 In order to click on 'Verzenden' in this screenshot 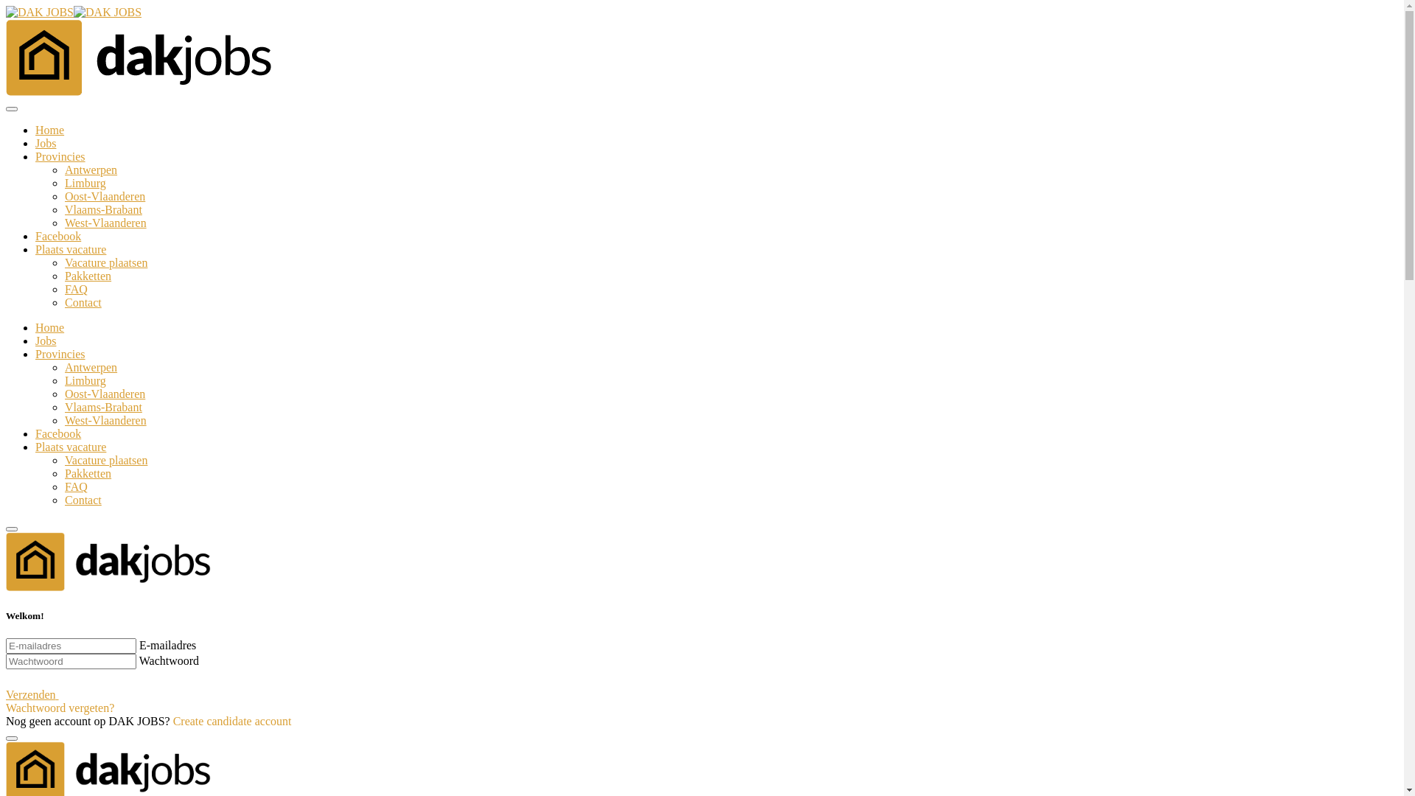, I will do `click(46, 694)`.